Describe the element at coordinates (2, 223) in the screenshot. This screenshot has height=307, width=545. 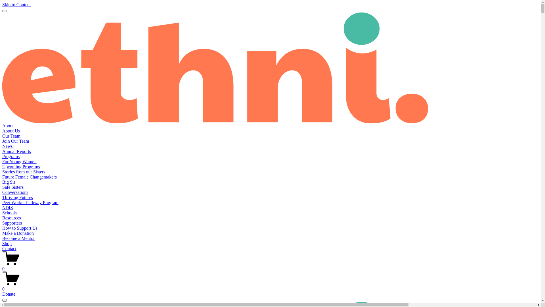
I see `'Supporters'` at that location.